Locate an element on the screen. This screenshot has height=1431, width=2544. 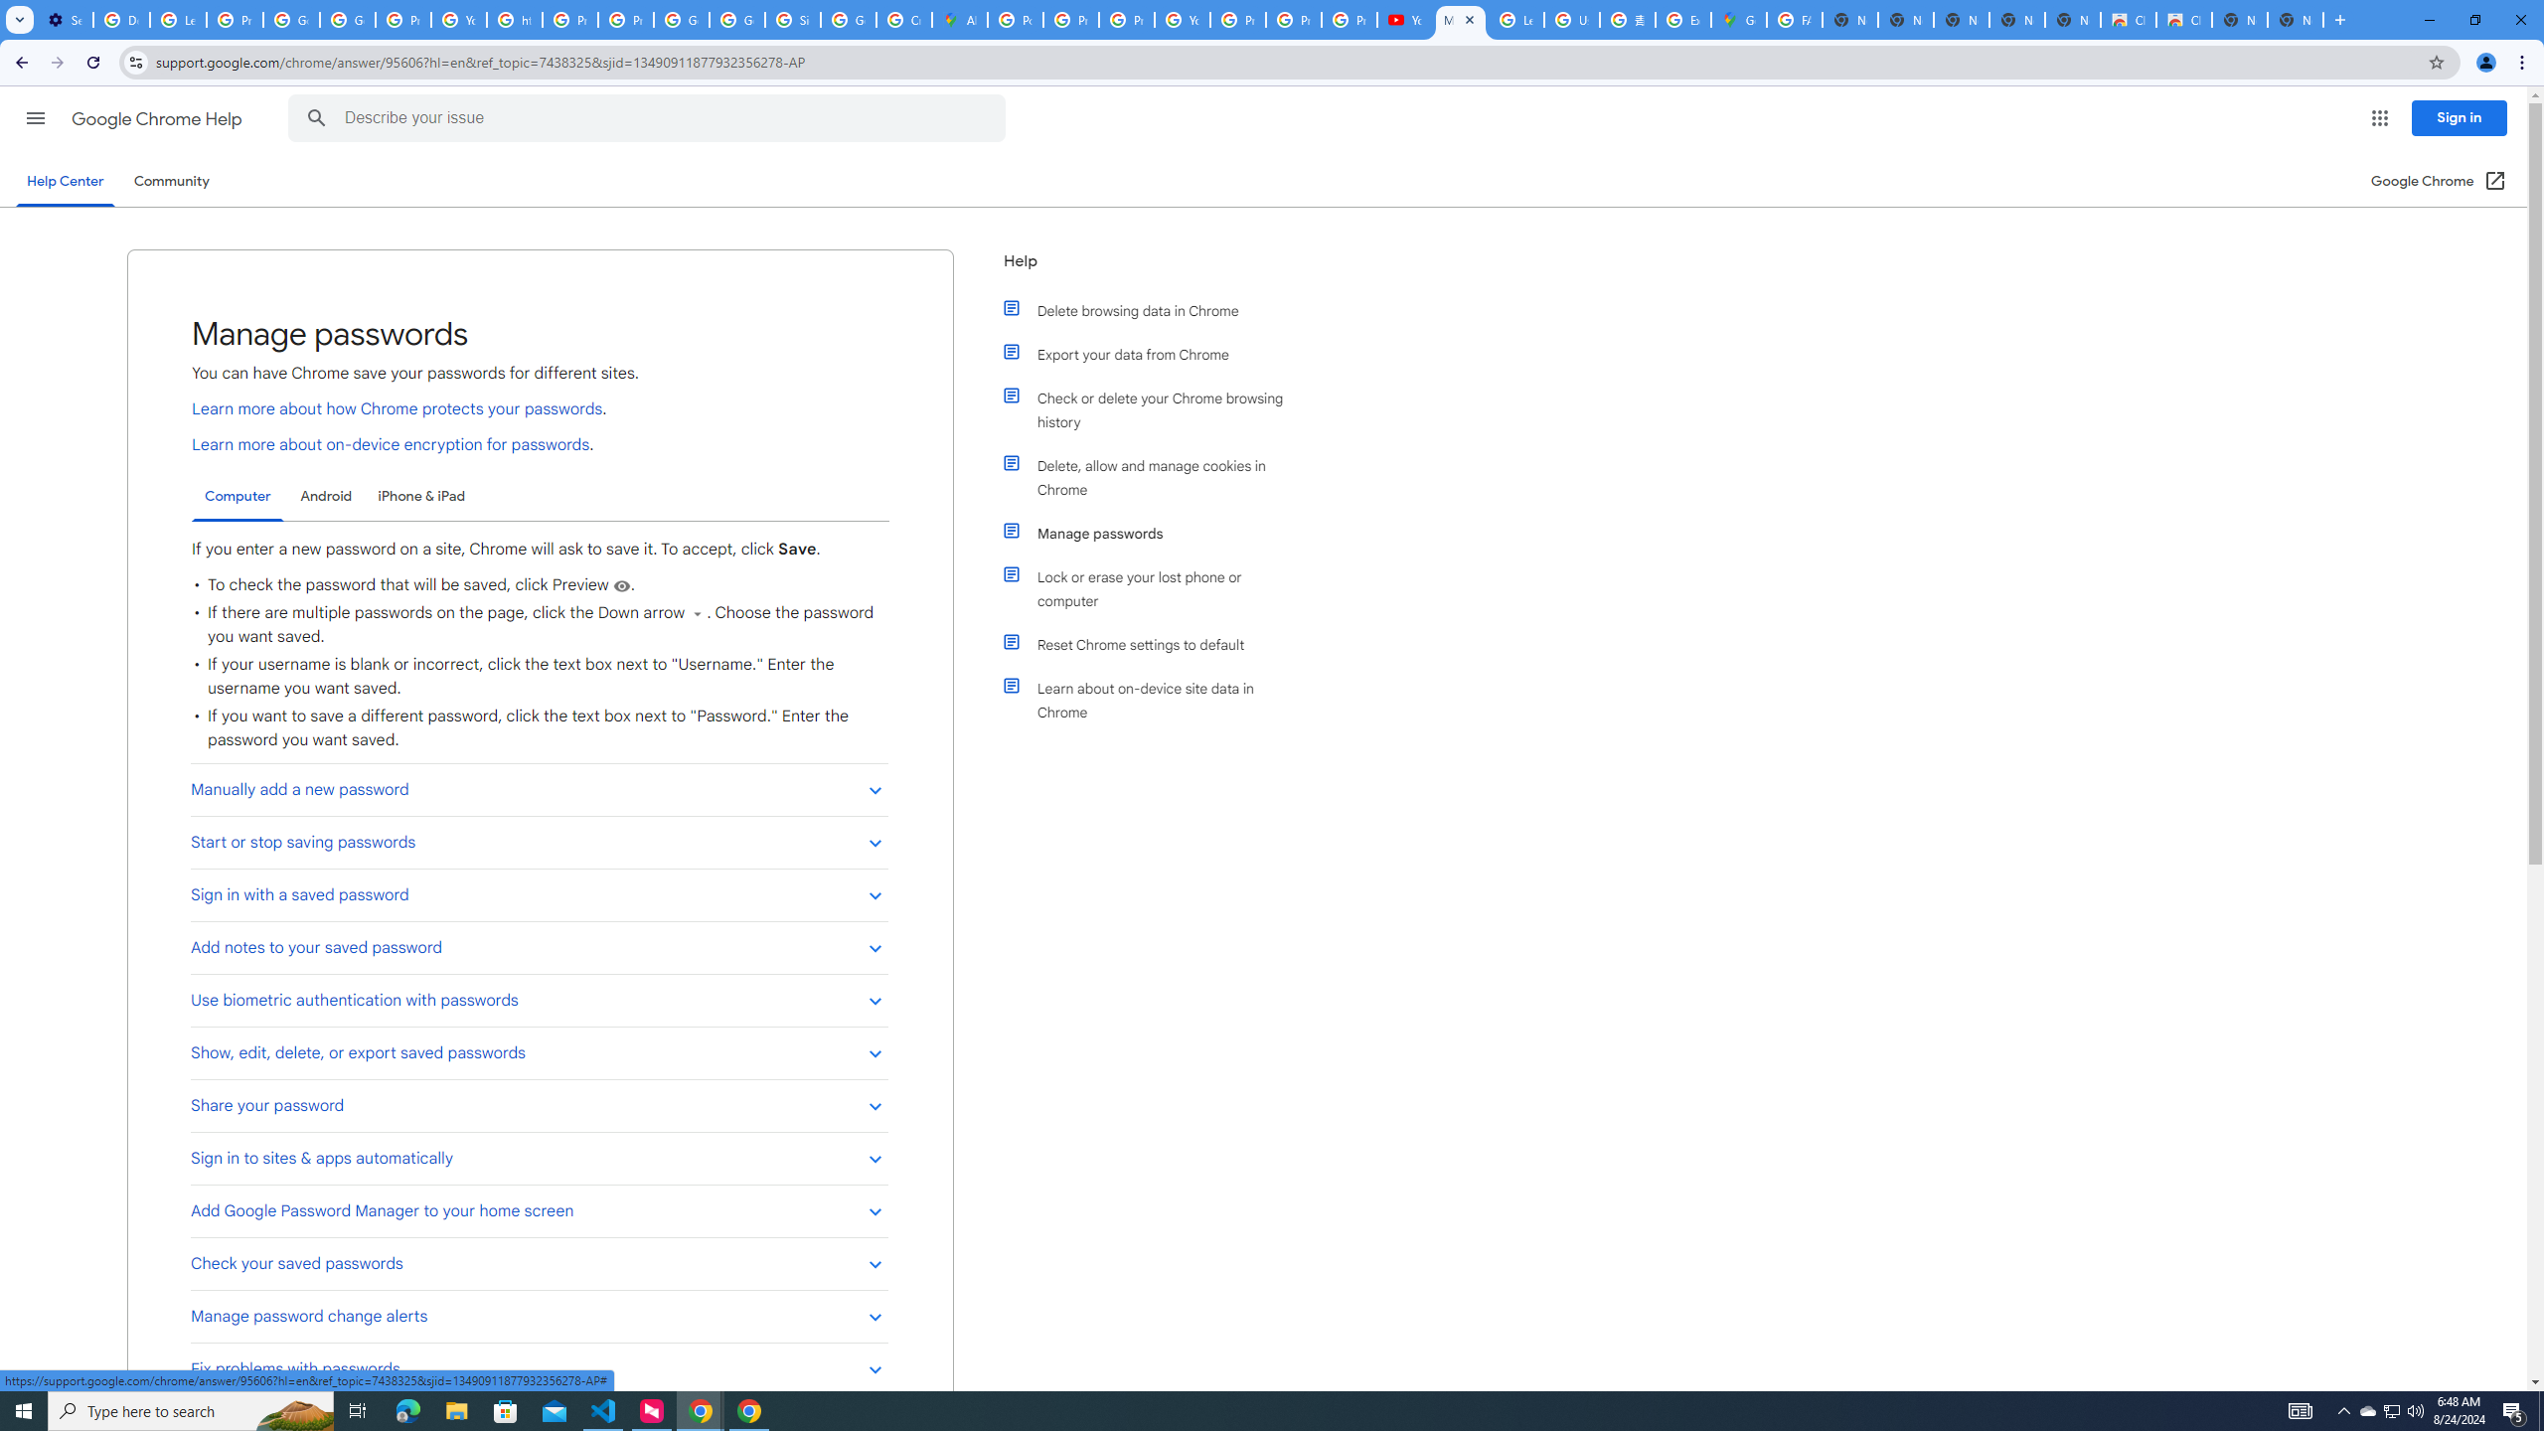
'Manage passwords - Computer - Google Chrome Help' is located at coordinates (1460, 19).